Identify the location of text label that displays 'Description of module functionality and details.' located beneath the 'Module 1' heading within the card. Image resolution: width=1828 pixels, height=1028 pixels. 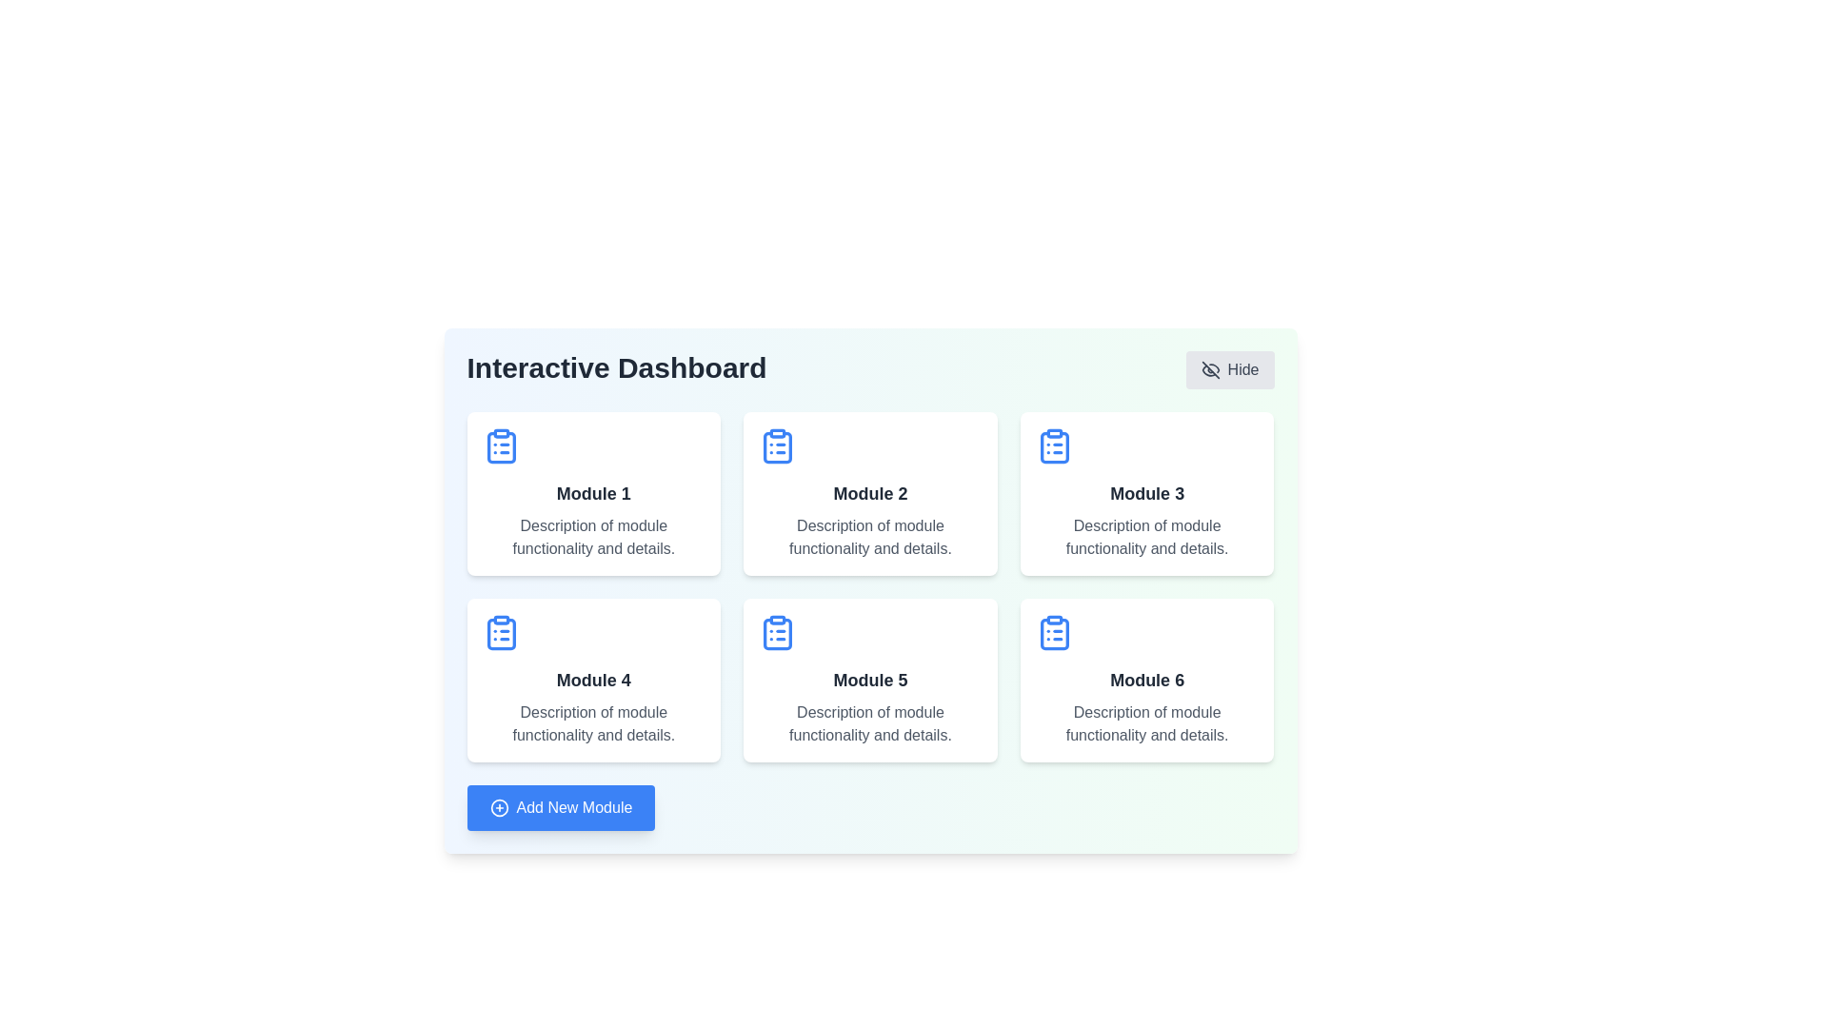
(592, 537).